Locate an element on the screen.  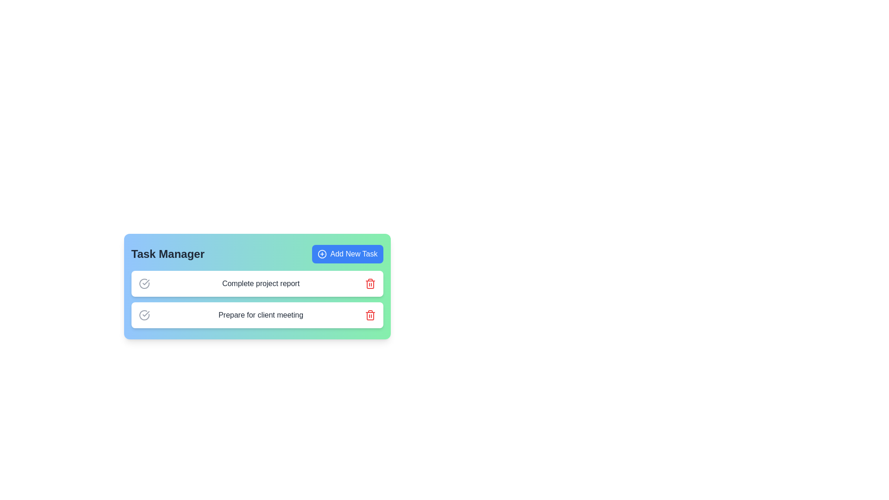
the circular Button icon located in the top-right corner of the task management interface is located at coordinates (322, 254).